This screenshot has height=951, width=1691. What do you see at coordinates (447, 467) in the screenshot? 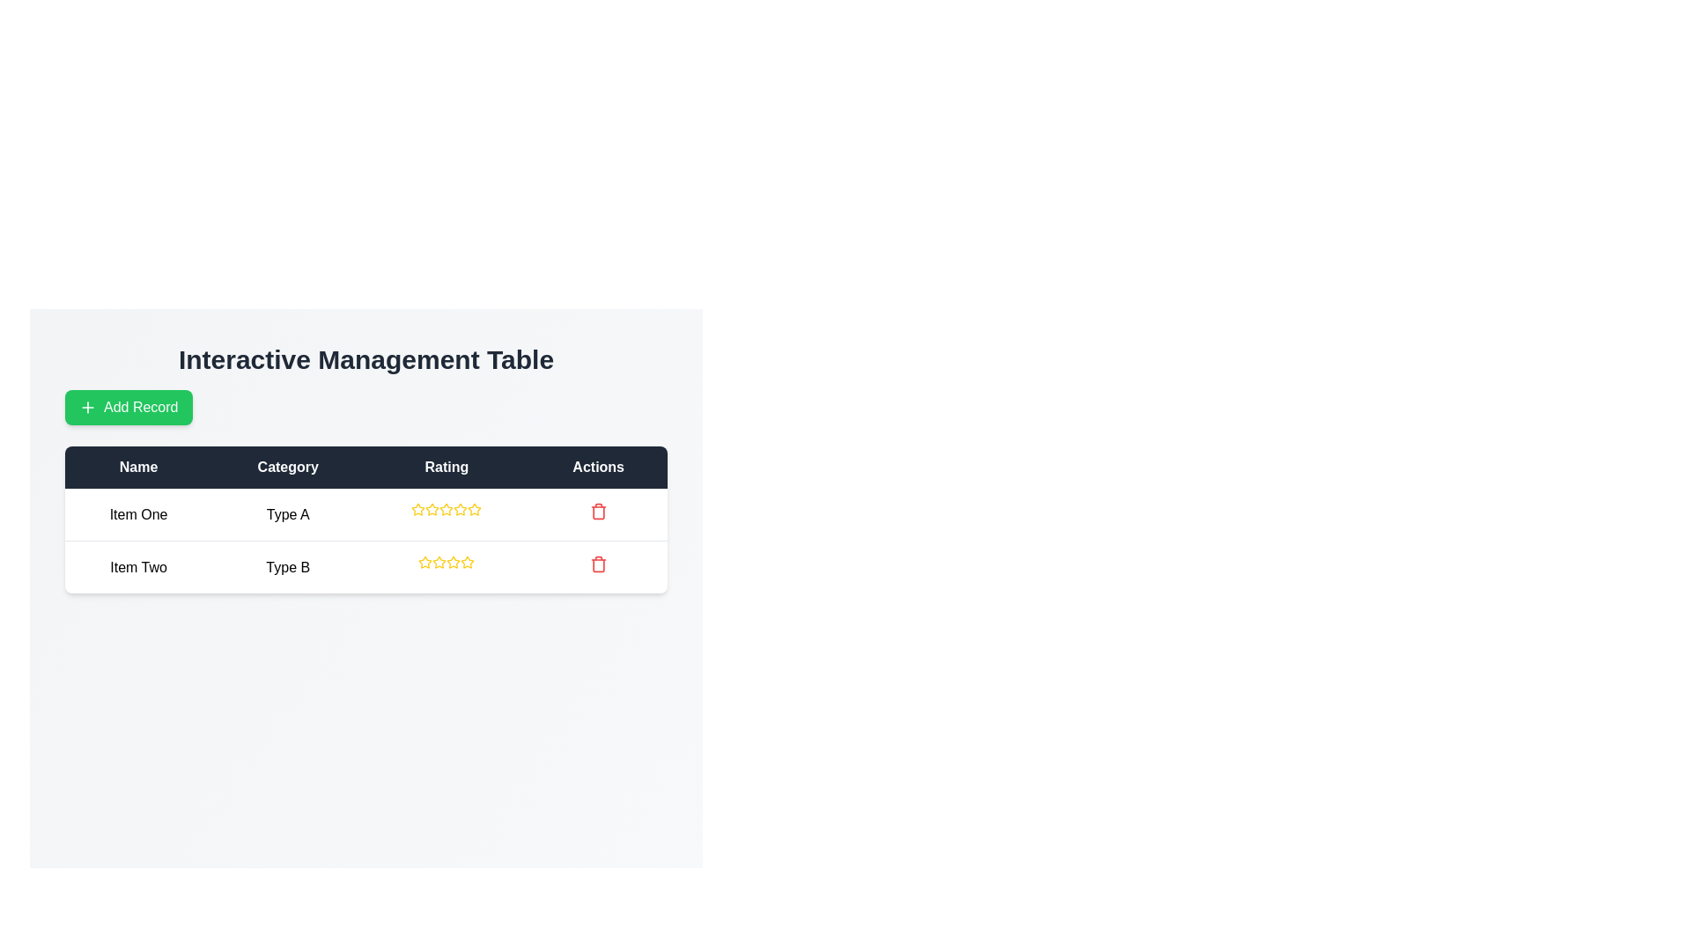
I see `the table header cell labeled 'Rating', which has a dark background and white centered text, positioned as the third header cell in a row of four` at bounding box center [447, 467].